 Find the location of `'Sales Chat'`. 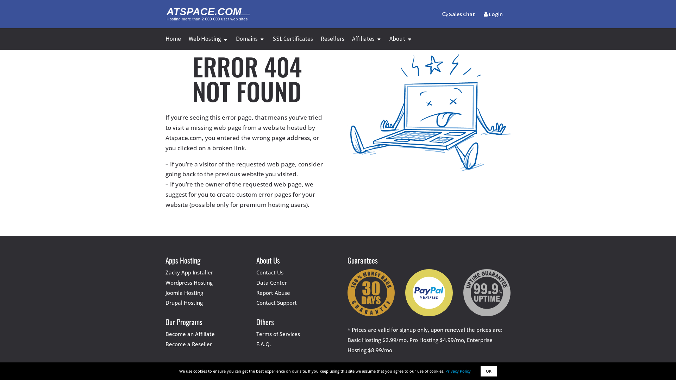

'Sales Chat' is located at coordinates (458, 19).